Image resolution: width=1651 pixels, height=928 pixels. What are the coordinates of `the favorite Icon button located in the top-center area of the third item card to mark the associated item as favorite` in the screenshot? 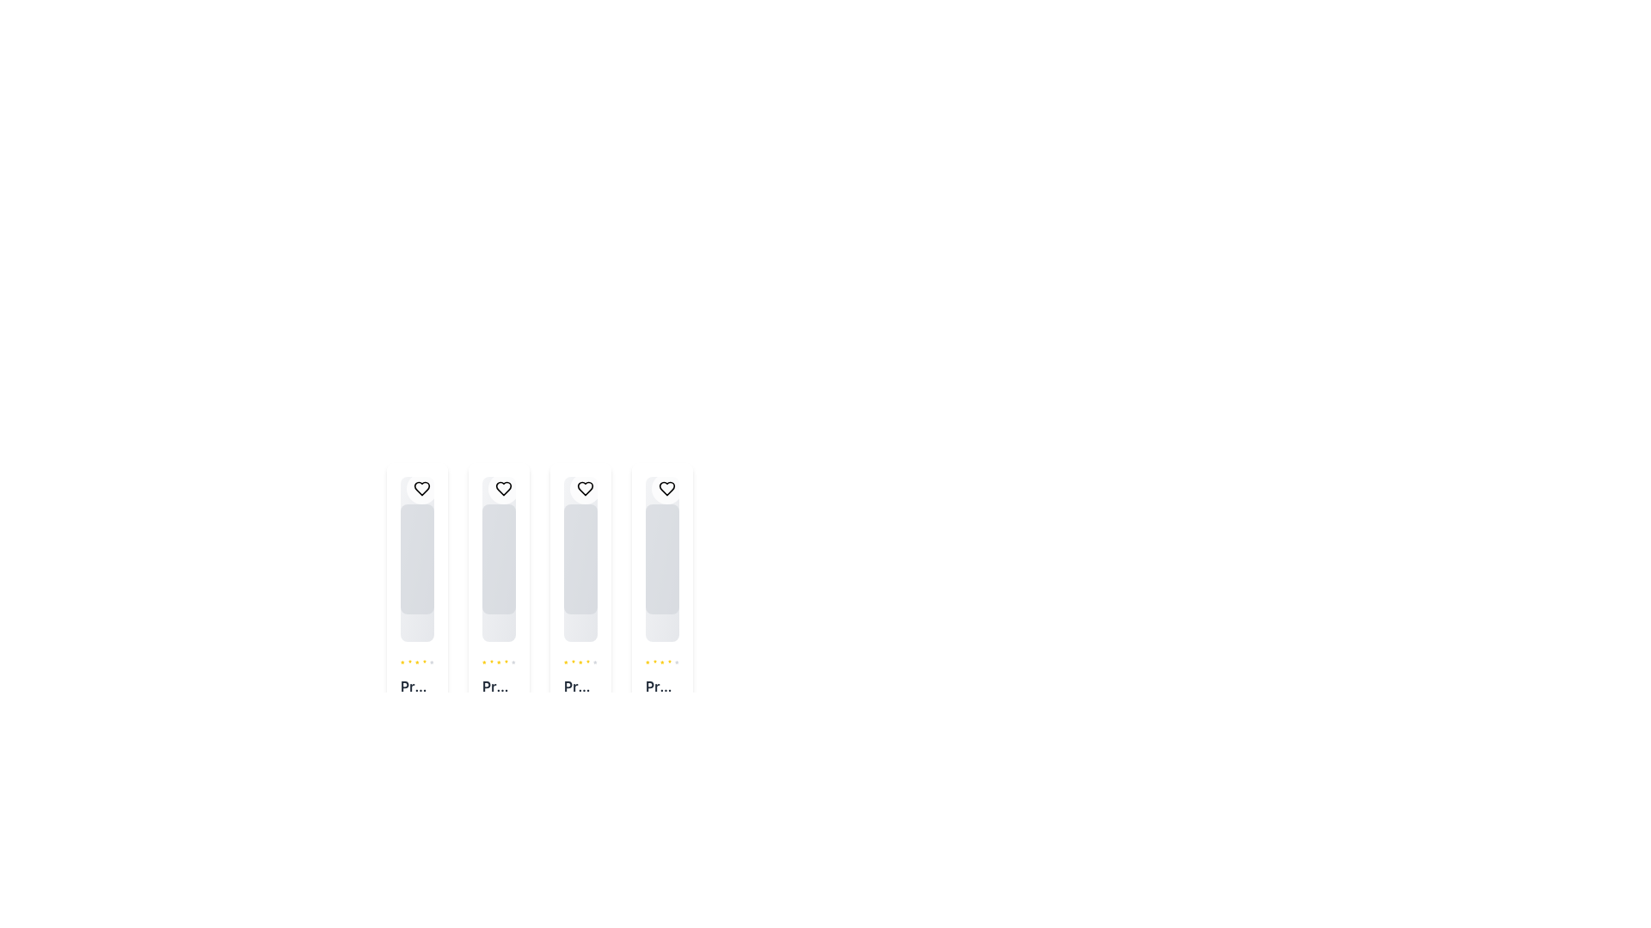 It's located at (586, 489).